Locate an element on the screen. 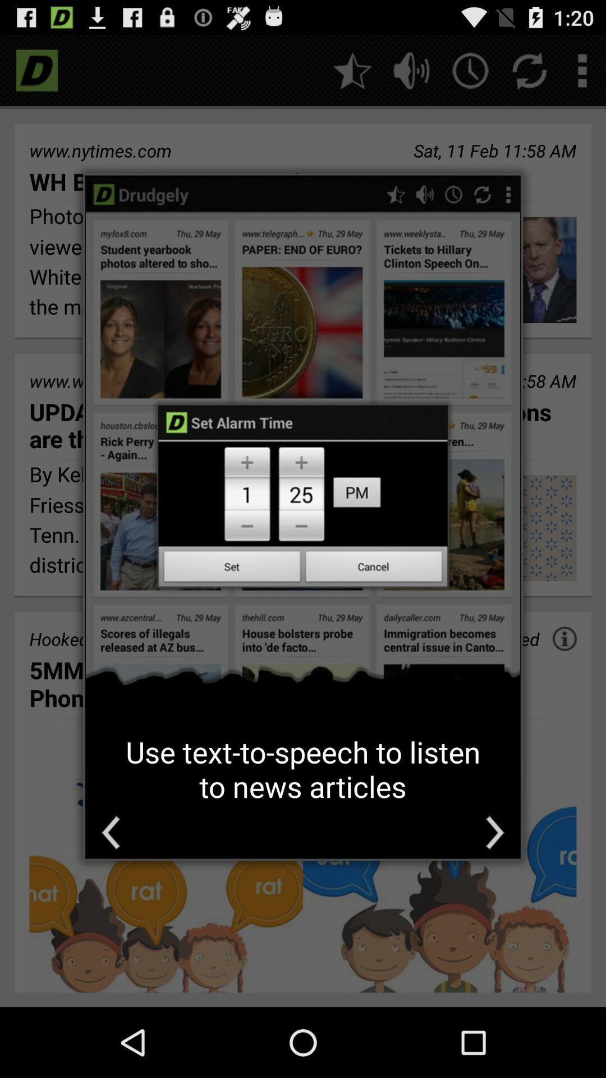 This screenshot has width=606, height=1078. for back is located at coordinates (111, 833).